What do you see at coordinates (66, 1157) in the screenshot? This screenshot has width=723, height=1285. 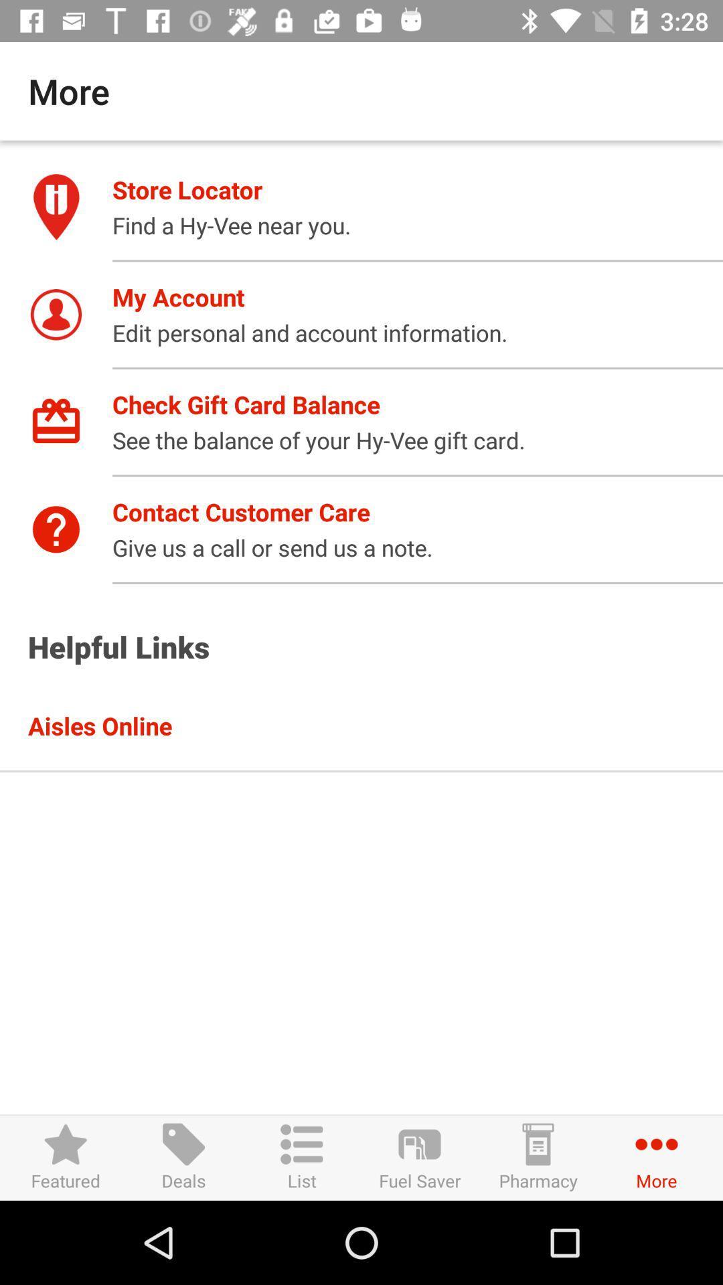 I see `item to the left of deals` at bounding box center [66, 1157].